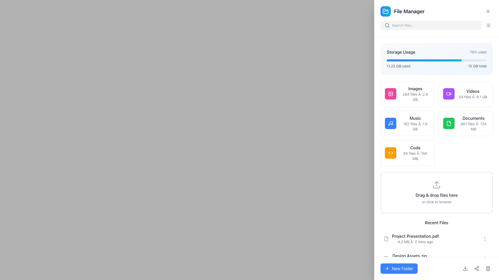 The height and width of the screenshot is (280, 499). I want to click on the 'Documents' file icon in the file manager interface, so click(449, 123).